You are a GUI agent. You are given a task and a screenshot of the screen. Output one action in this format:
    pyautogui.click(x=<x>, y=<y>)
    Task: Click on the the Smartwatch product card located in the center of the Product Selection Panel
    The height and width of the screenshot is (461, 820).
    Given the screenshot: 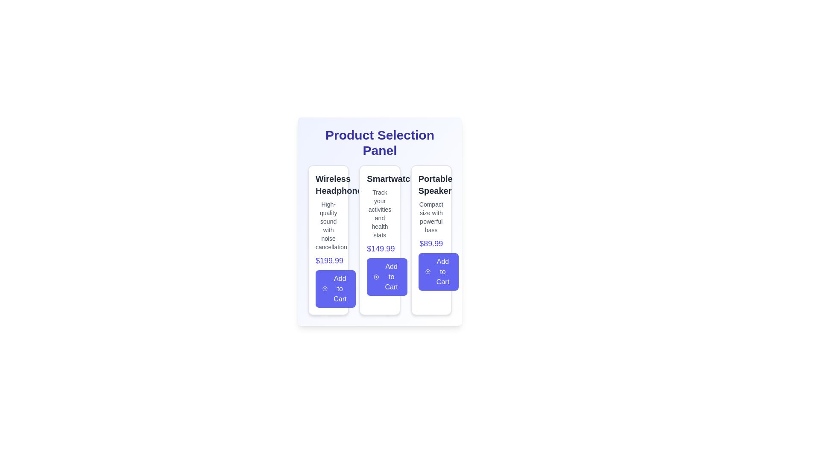 What is the action you would take?
    pyautogui.click(x=379, y=240)
    